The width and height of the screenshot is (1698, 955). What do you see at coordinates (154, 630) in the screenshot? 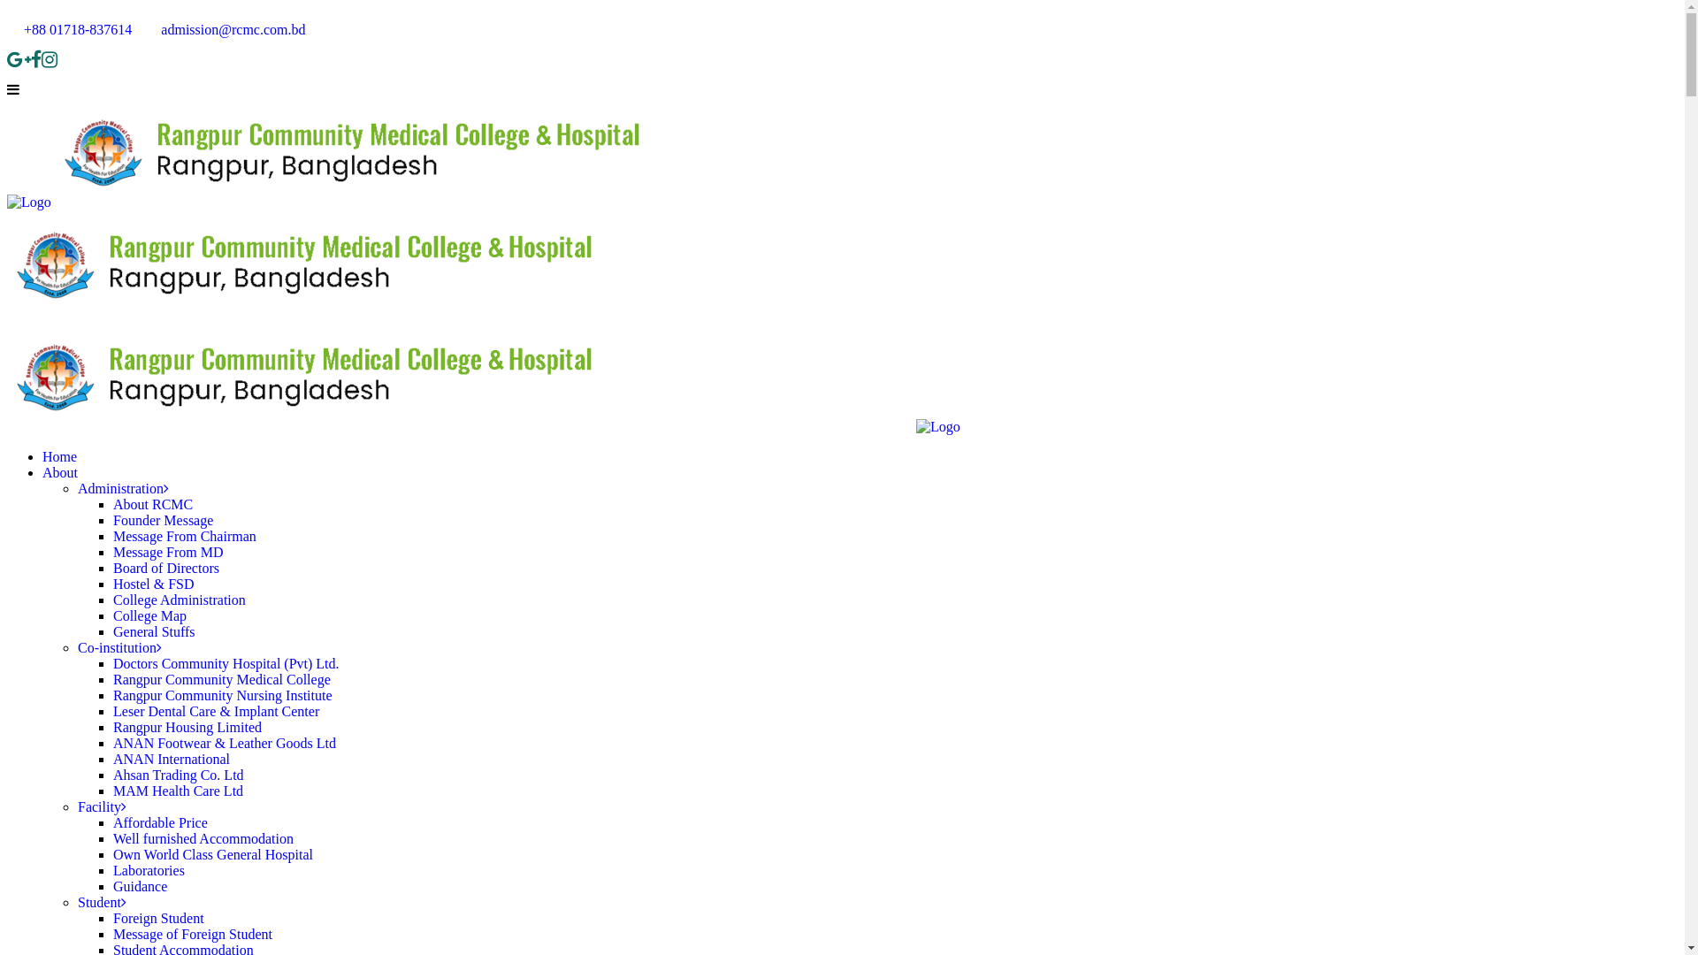
I see `'General Stuffs'` at bounding box center [154, 630].